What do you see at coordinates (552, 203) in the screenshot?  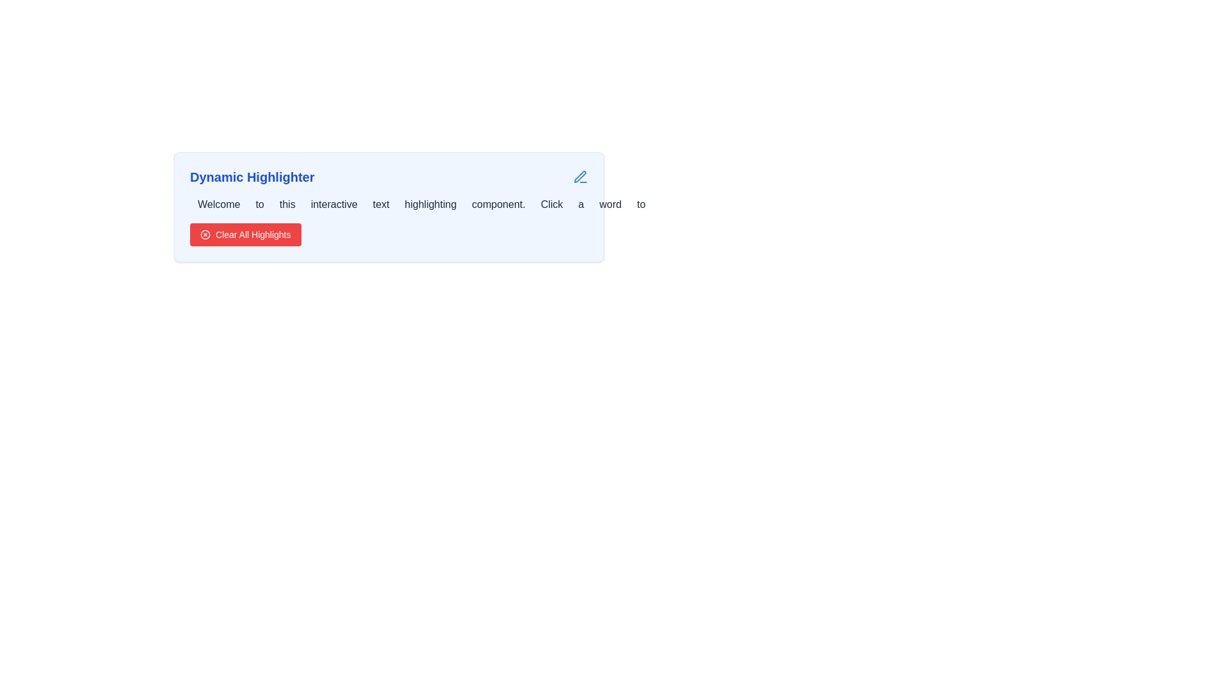 I see `the eighth word in the paragraph text box titled 'Dynamic Highlighter', which is located slightly to the right of the middle and follows the word 'component.'` at bounding box center [552, 203].